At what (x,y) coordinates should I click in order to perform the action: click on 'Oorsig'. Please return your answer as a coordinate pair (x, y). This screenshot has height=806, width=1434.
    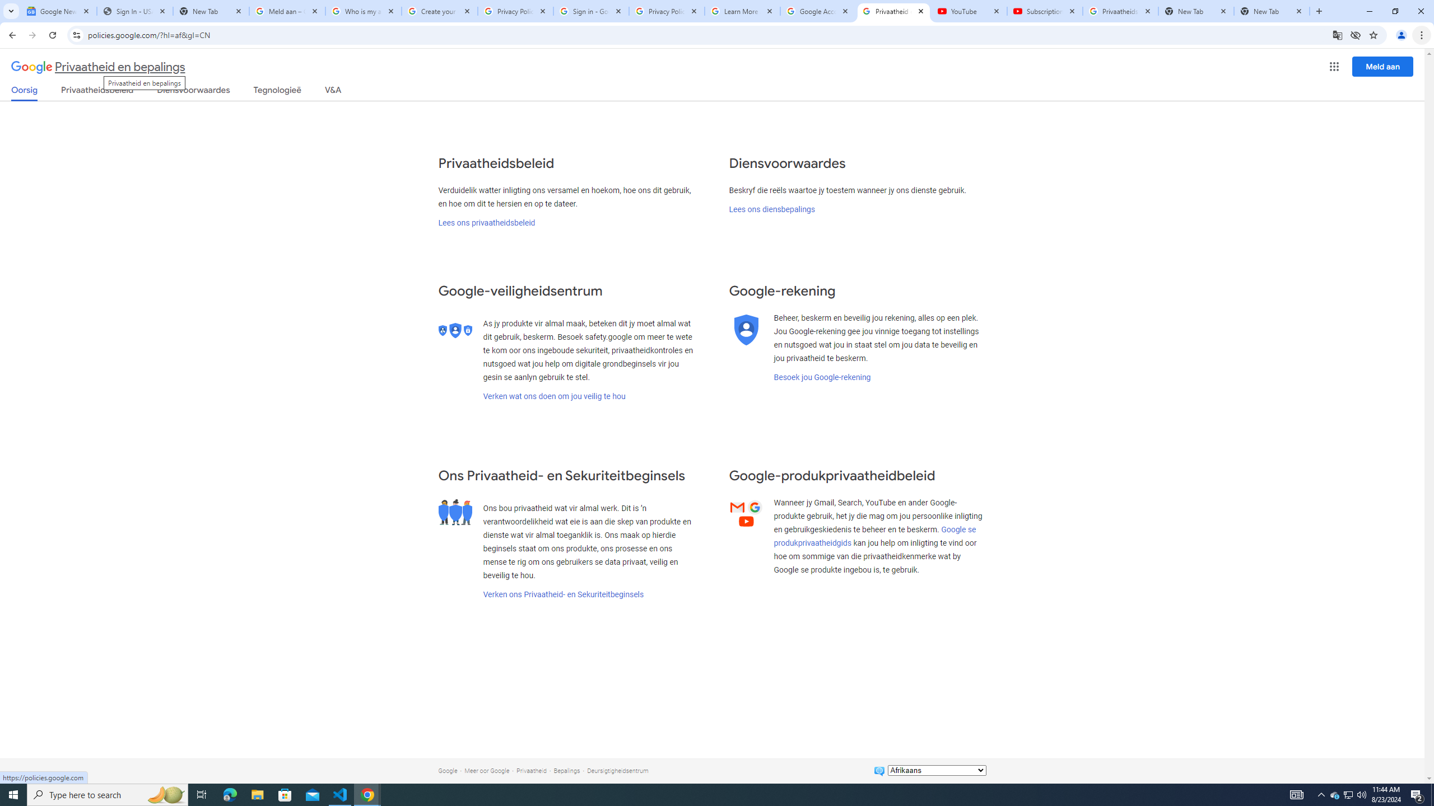
    Looking at the image, I should click on (25, 92).